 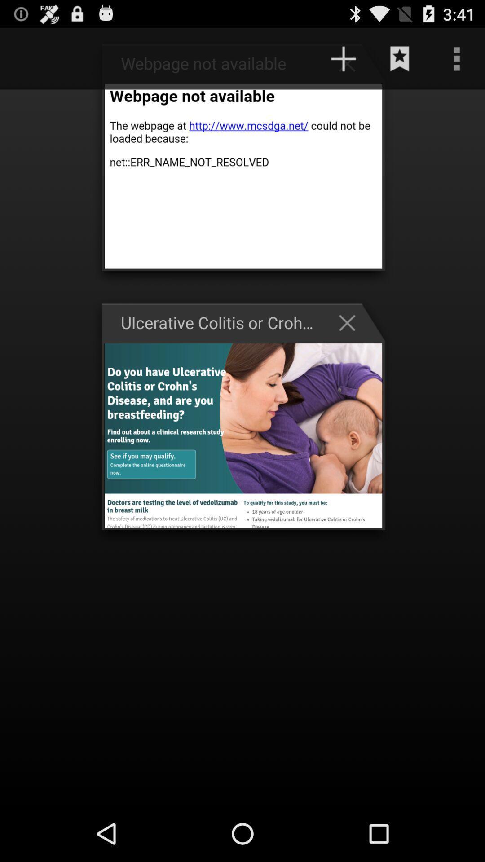 What do you see at coordinates (351, 344) in the screenshot?
I see `the close icon` at bounding box center [351, 344].